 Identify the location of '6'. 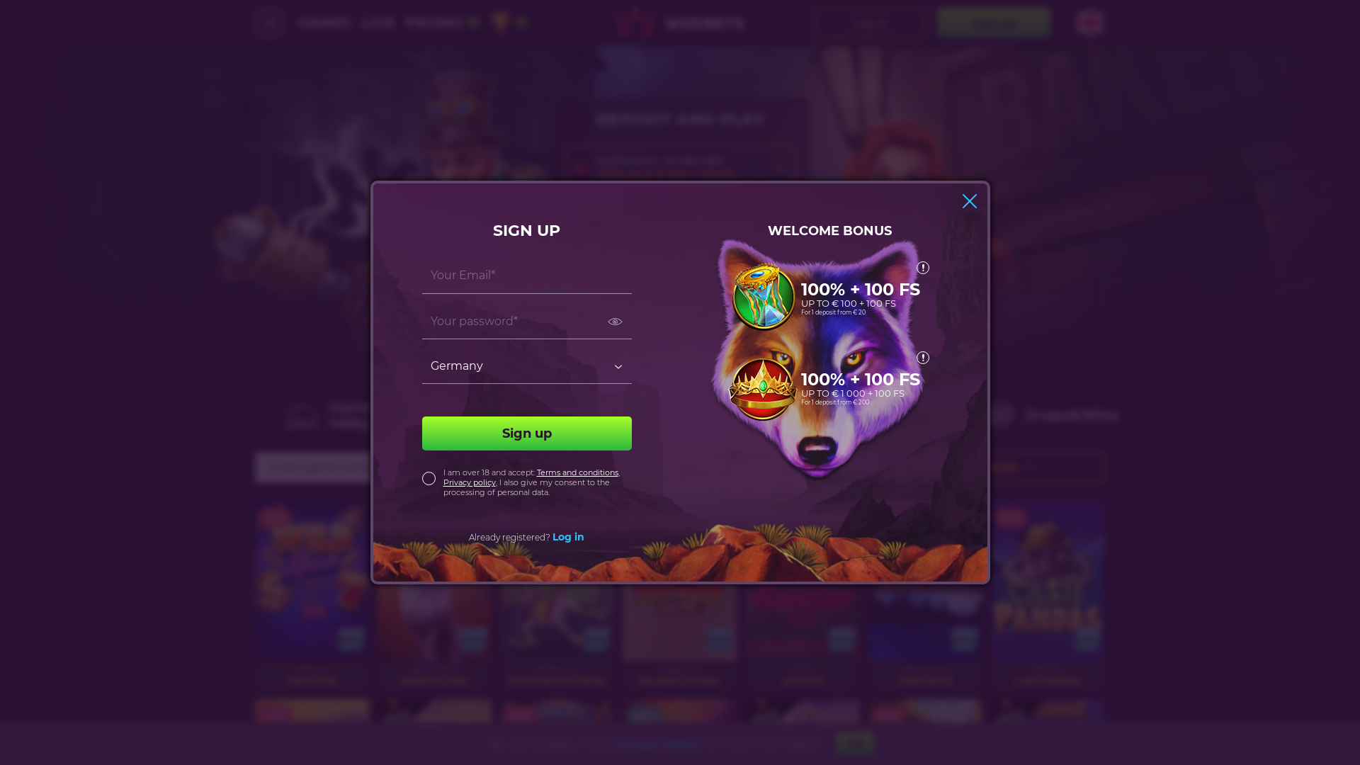
(489, 22).